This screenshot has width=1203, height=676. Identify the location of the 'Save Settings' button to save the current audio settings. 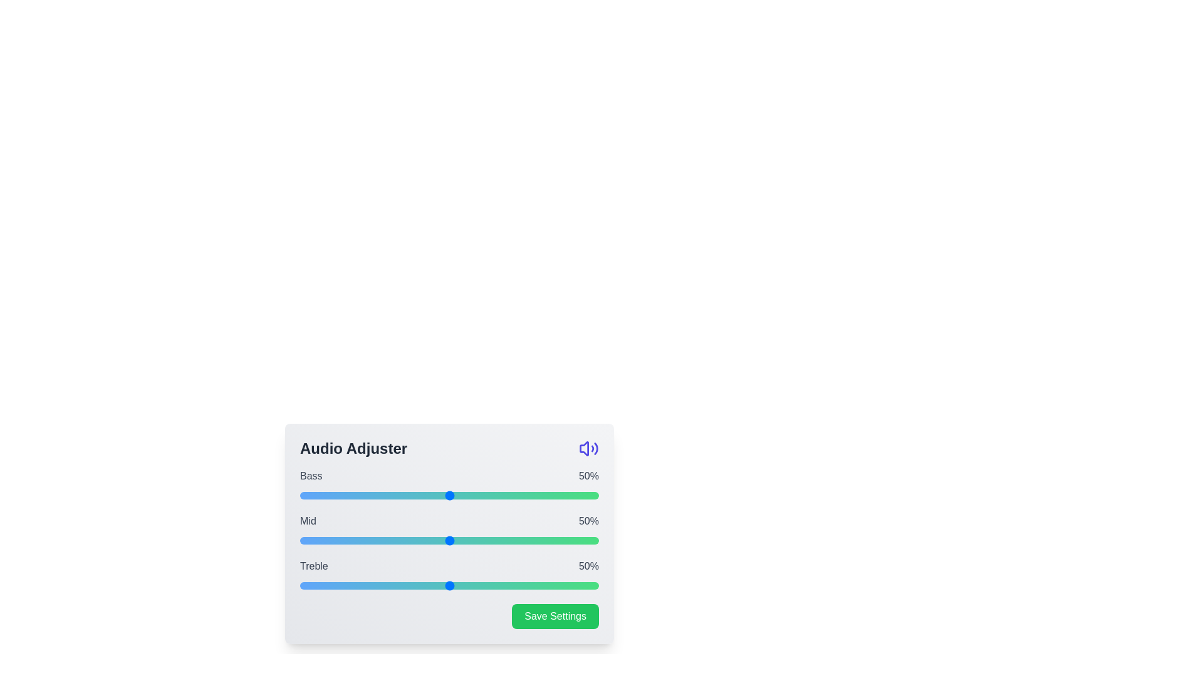
(555, 615).